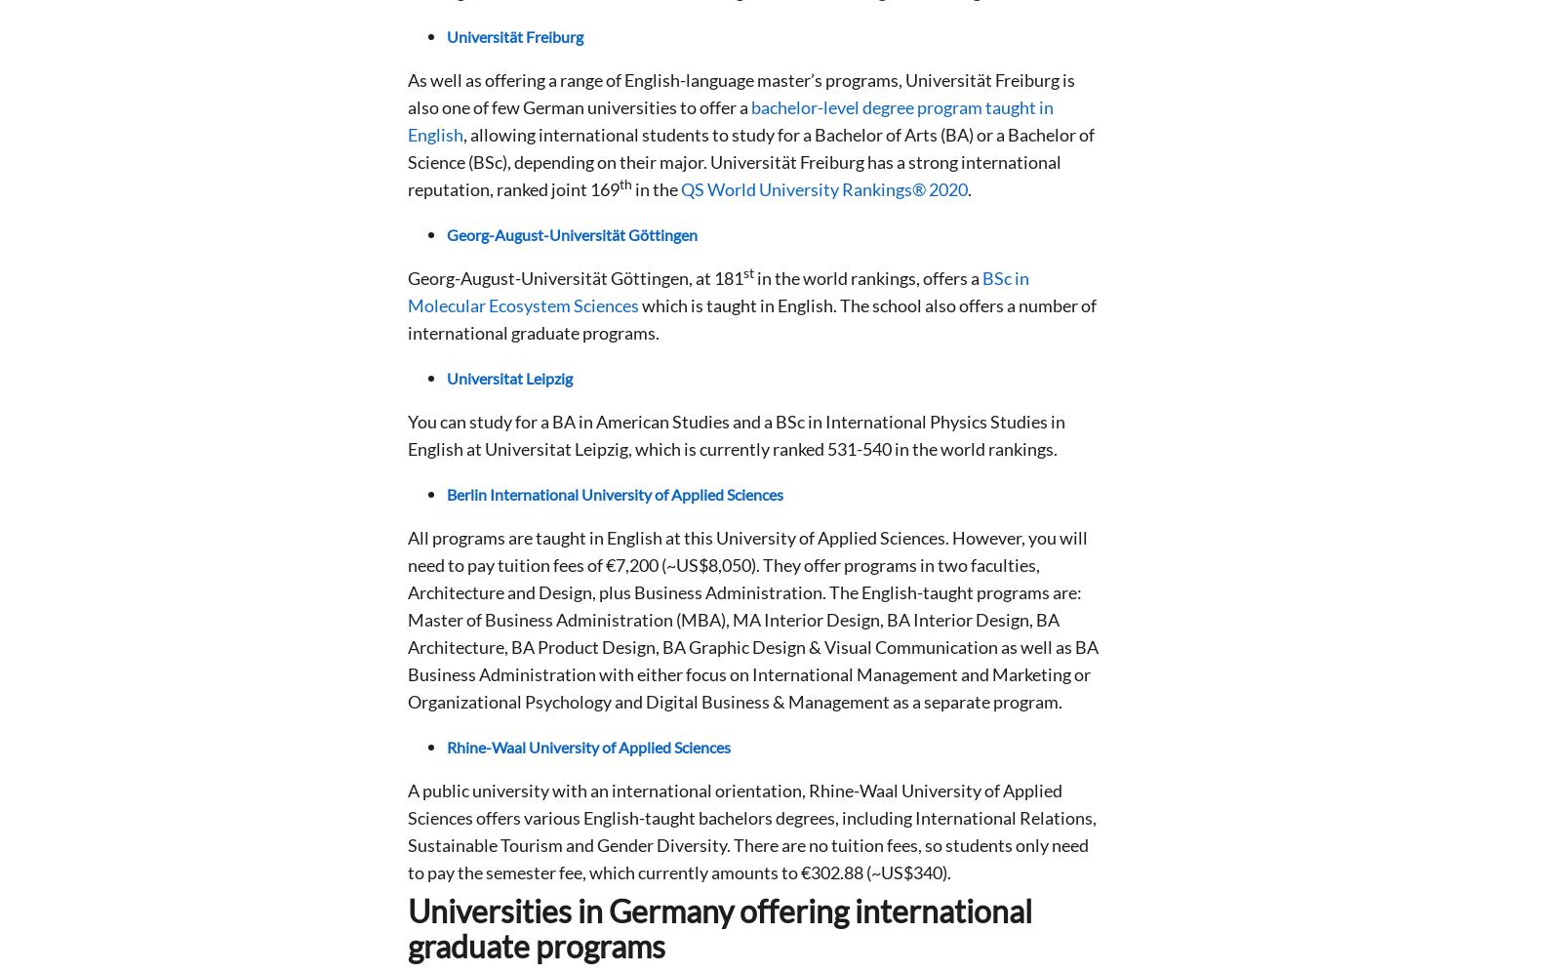 The width and height of the screenshot is (1561, 973). I want to click on 'th', so click(620, 184).